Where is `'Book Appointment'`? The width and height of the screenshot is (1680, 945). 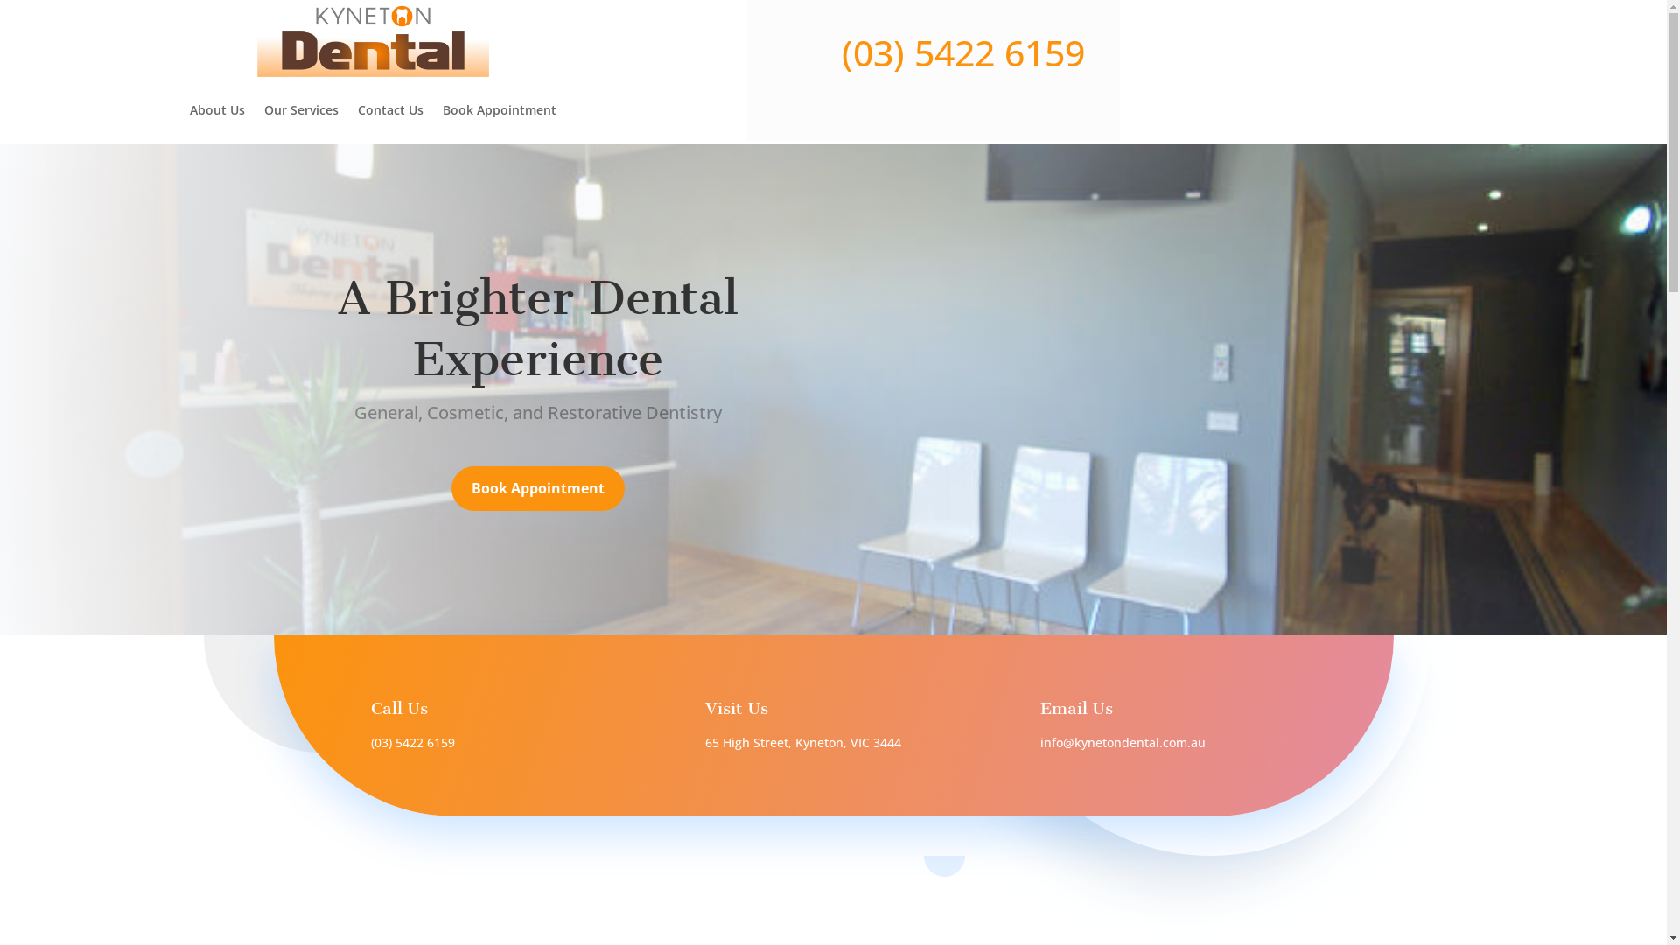 'Book Appointment' is located at coordinates (536, 488).